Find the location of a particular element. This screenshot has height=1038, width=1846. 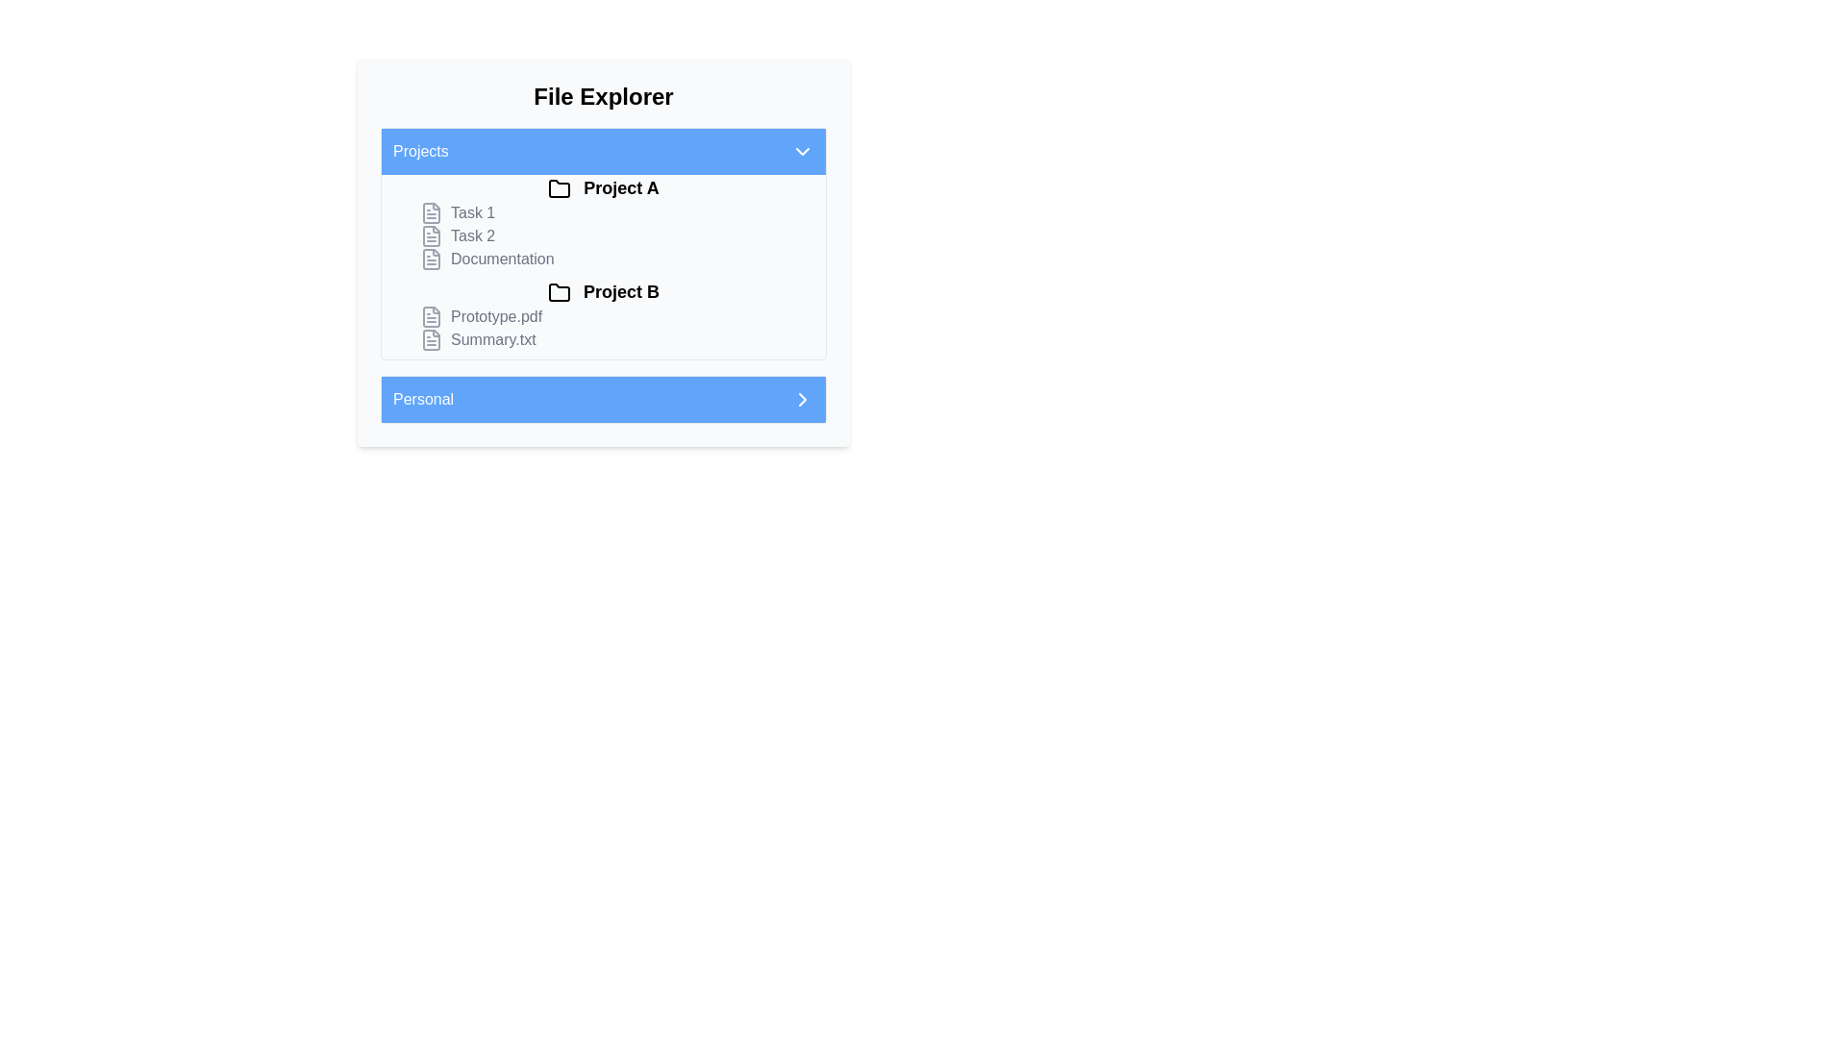

the SVG icon representing the file type associated with the 'Task 2' label located is located at coordinates (431, 235).